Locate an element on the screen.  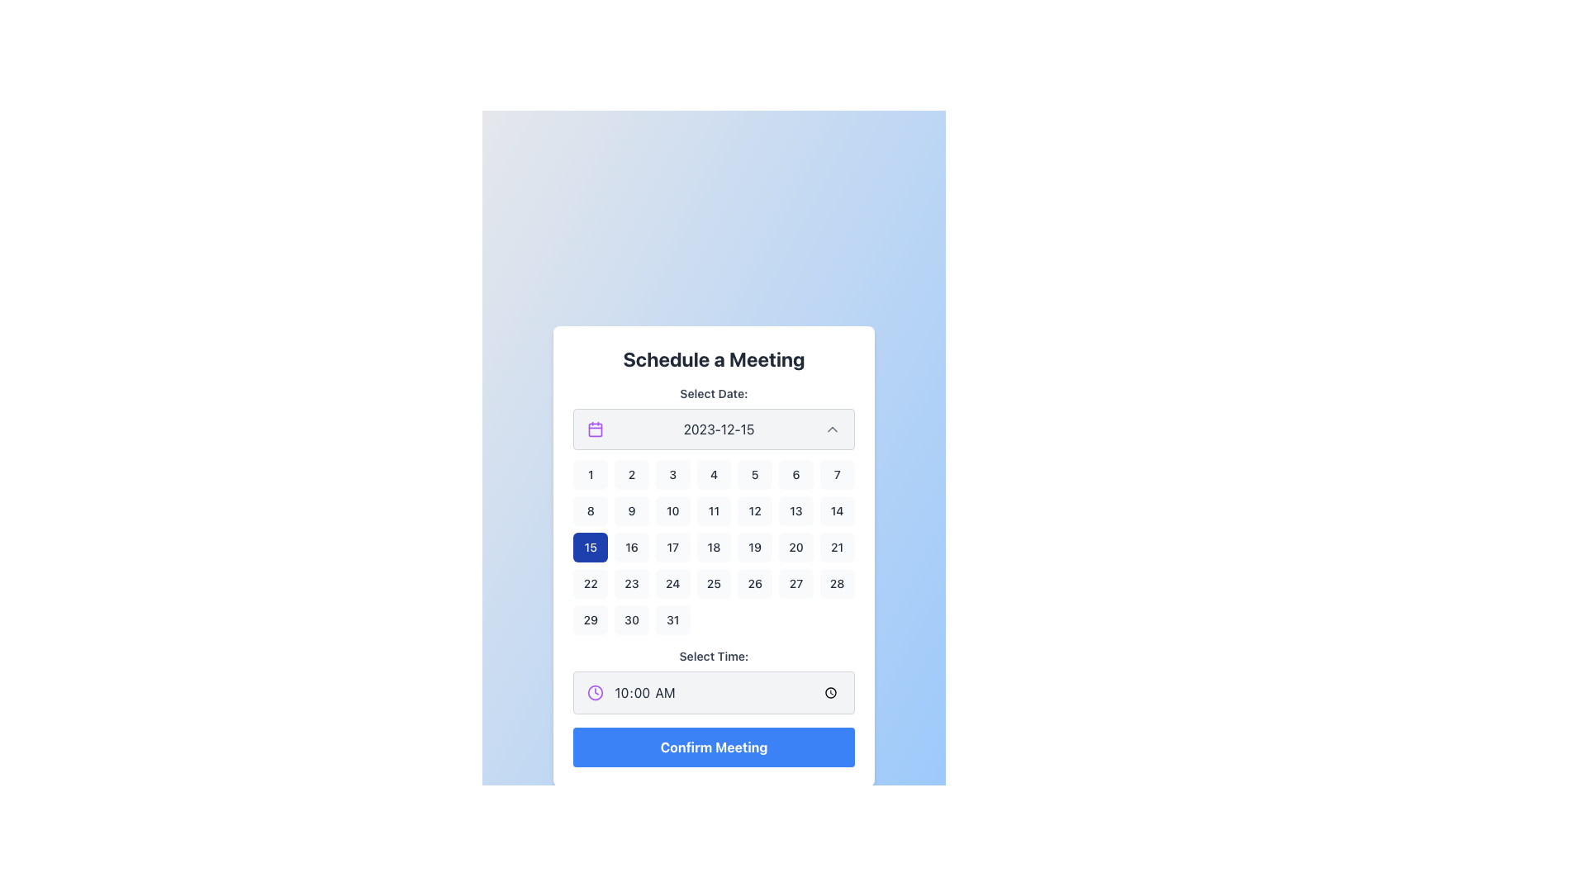
the selectable date button ('18') in the calendar interface is located at coordinates (714, 548).